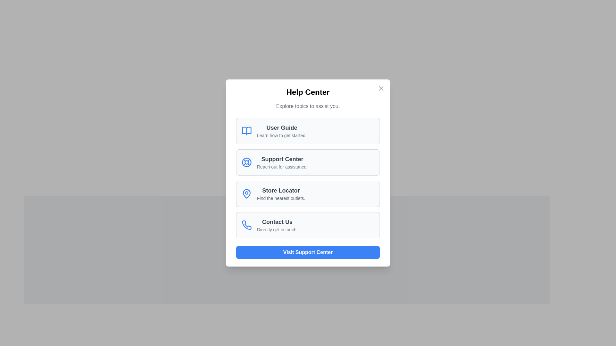 Image resolution: width=616 pixels, height=346 pixels. What do you see at coordinates (281, 198) in the screenshot?
I see `the text label providing additional information about the 'Store Locator' feature, located centrally below the title in the modal dialog` at bounding box center [281, 198].